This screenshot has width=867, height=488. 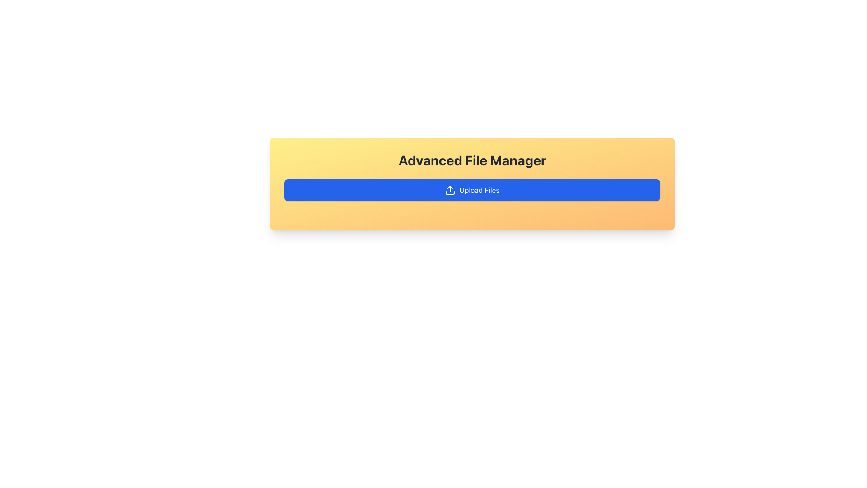 I want to click on the SVG Icon representing the upload functionality, which is located within the blue button labeled 'Upload Files', positioned to the left of the button text, so click(x=450, y=189).